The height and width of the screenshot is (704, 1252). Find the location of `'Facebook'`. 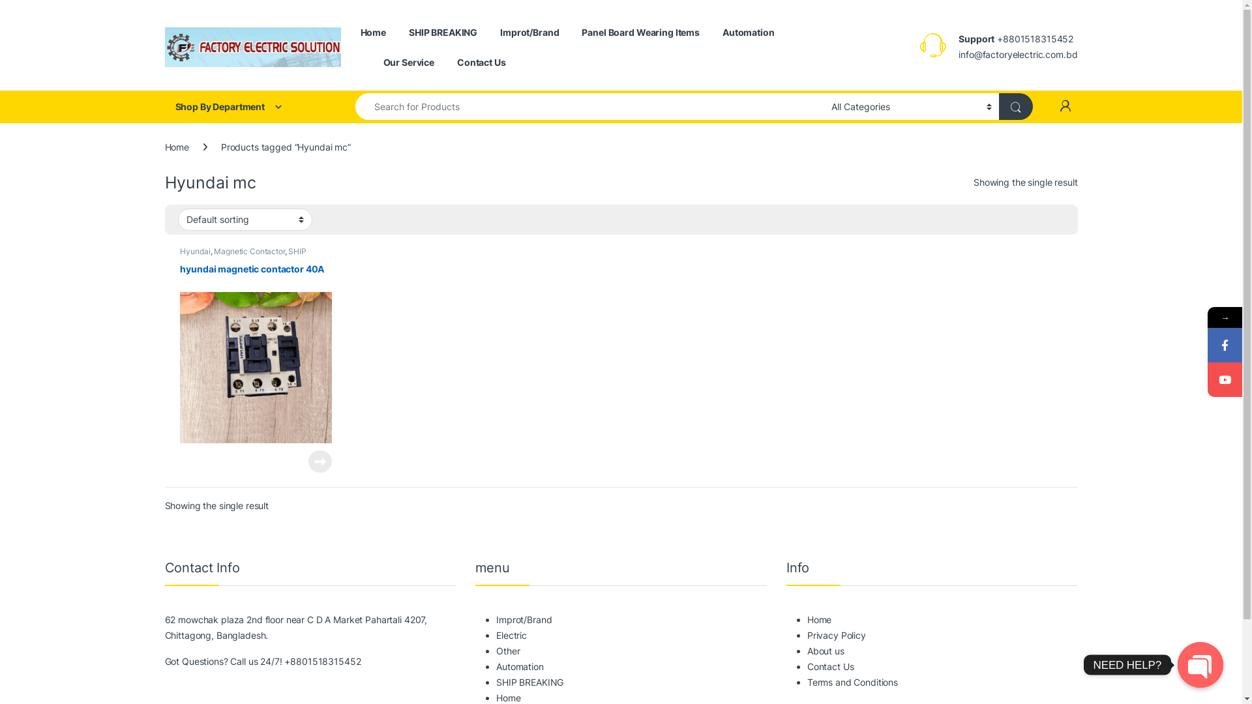

'Facebook' is located at coordinates (1224, 344).